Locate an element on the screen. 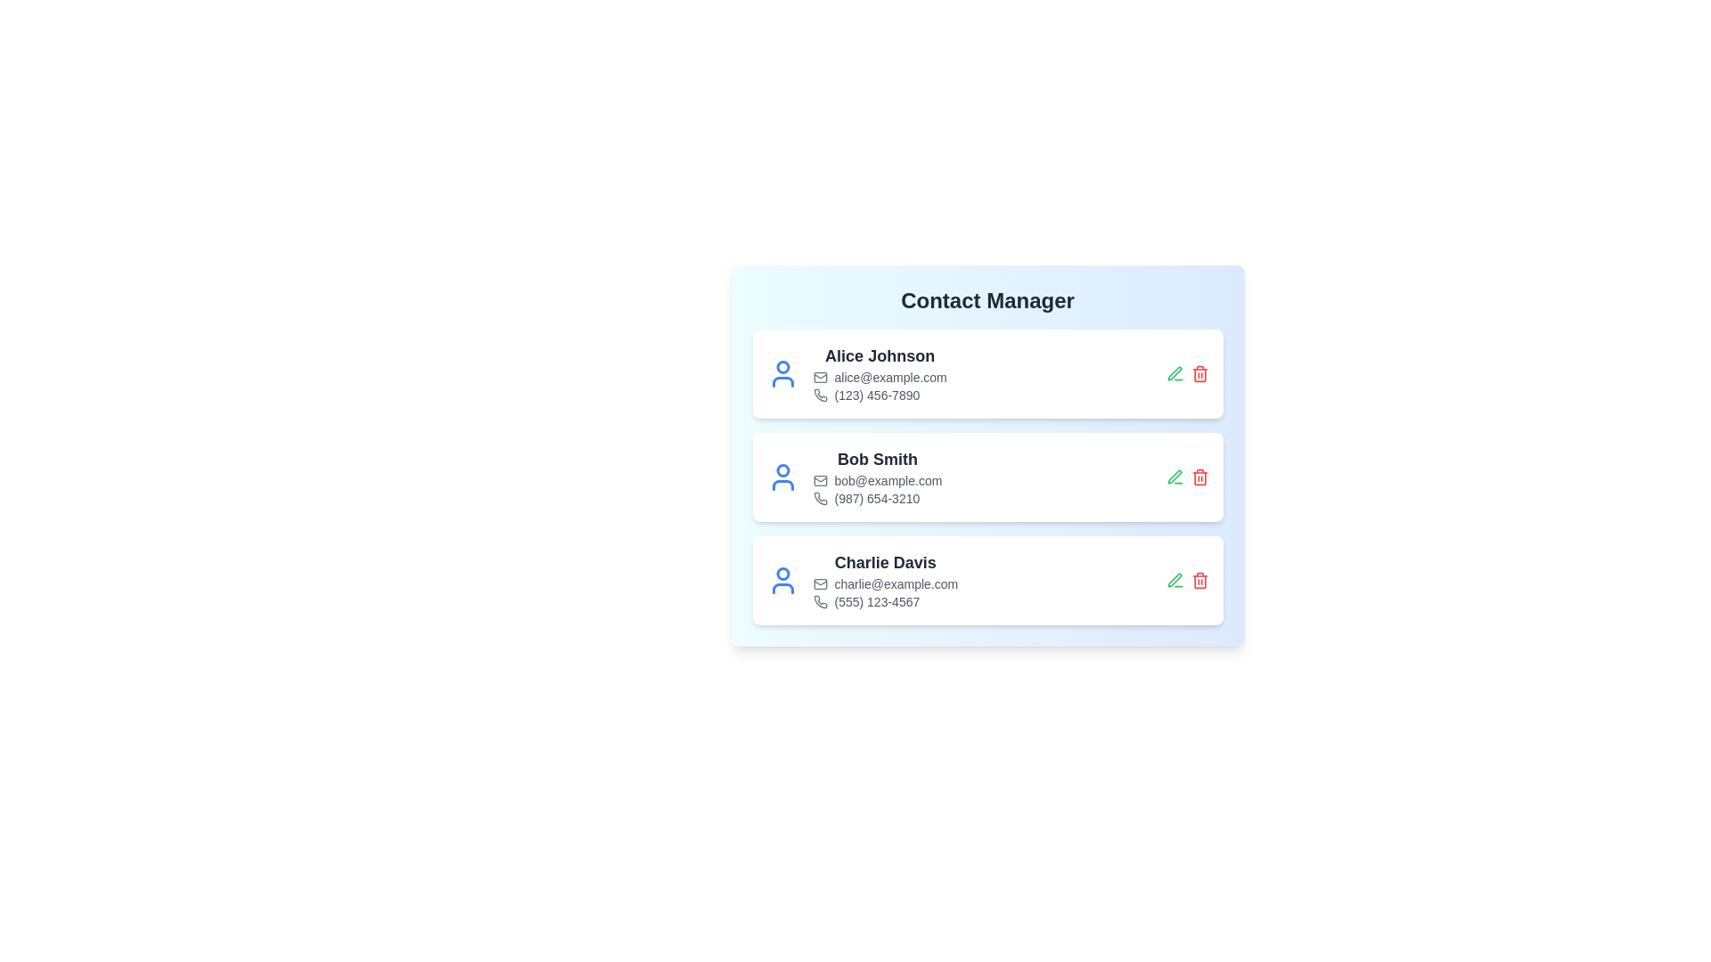 This screenshot has width=1711, height=962. the edit button for the contact Alice Johnson is located at coordinates (1175, 373).